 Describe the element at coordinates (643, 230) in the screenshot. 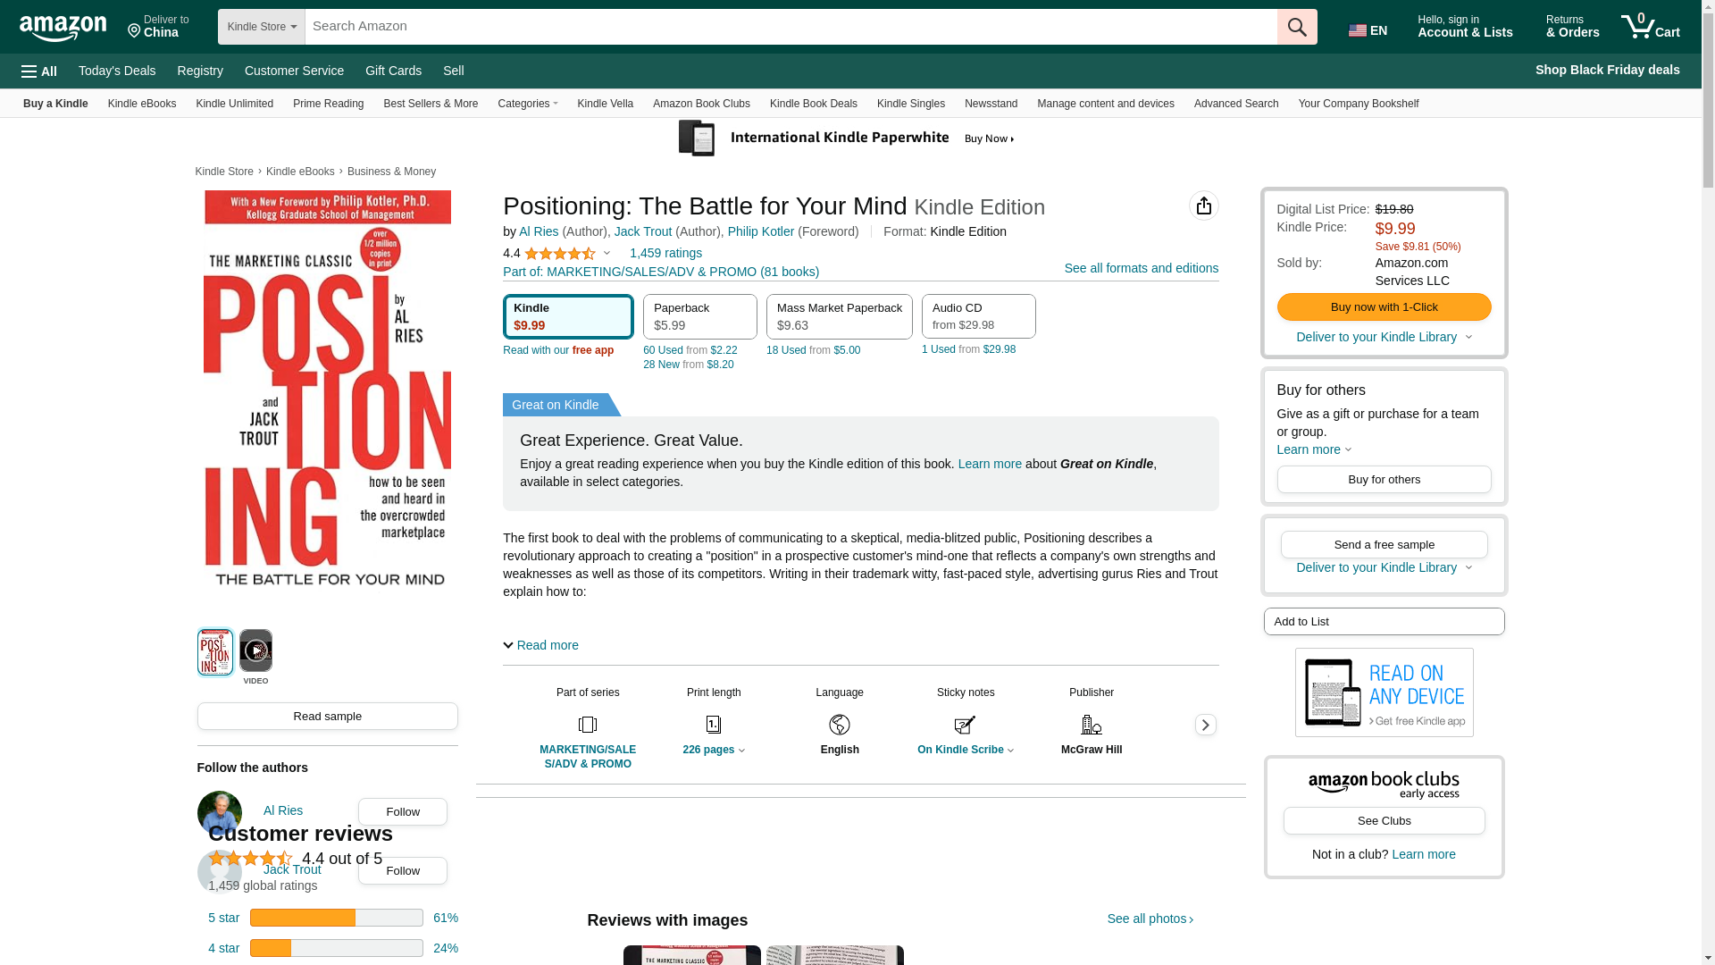

I see `'Jack Trout'` at that location.